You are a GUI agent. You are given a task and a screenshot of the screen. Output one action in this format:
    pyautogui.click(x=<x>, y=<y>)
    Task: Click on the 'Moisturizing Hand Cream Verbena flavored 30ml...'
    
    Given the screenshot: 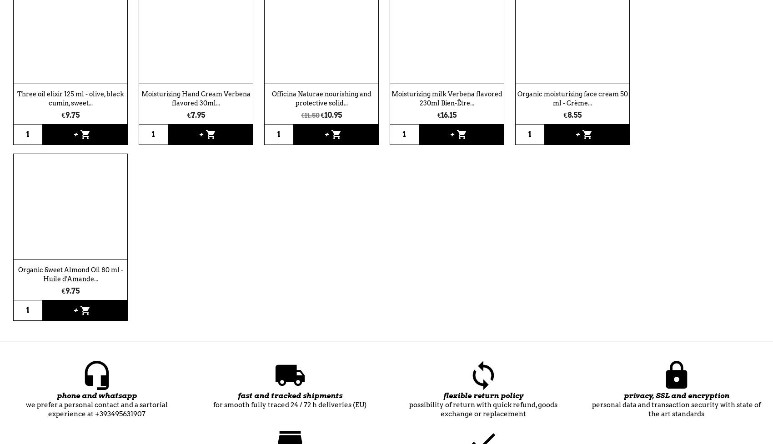 What is the action you would take?
    pyautogui.click(x=196, y=98)
    